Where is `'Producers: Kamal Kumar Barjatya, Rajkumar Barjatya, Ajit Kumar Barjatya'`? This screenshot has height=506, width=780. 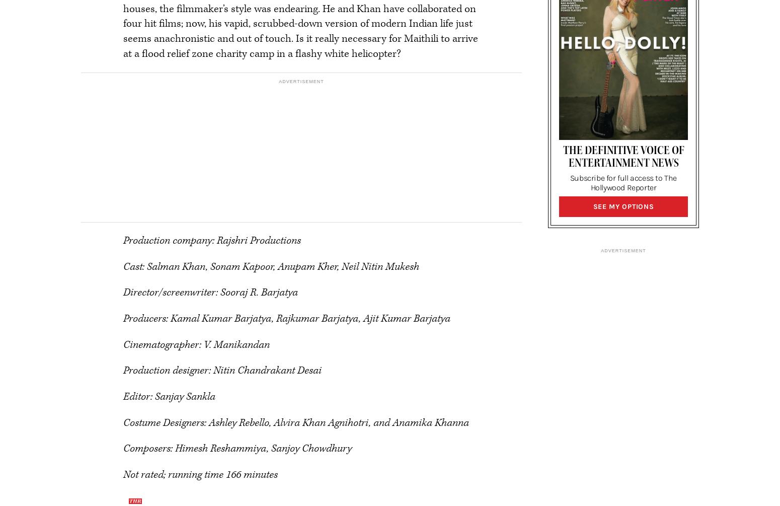
'Producers: Kamal Kumar Barjatya, Rajkumar Barjatya, Ajit Kumar Barjatya' is located at coordinates (123, 318).